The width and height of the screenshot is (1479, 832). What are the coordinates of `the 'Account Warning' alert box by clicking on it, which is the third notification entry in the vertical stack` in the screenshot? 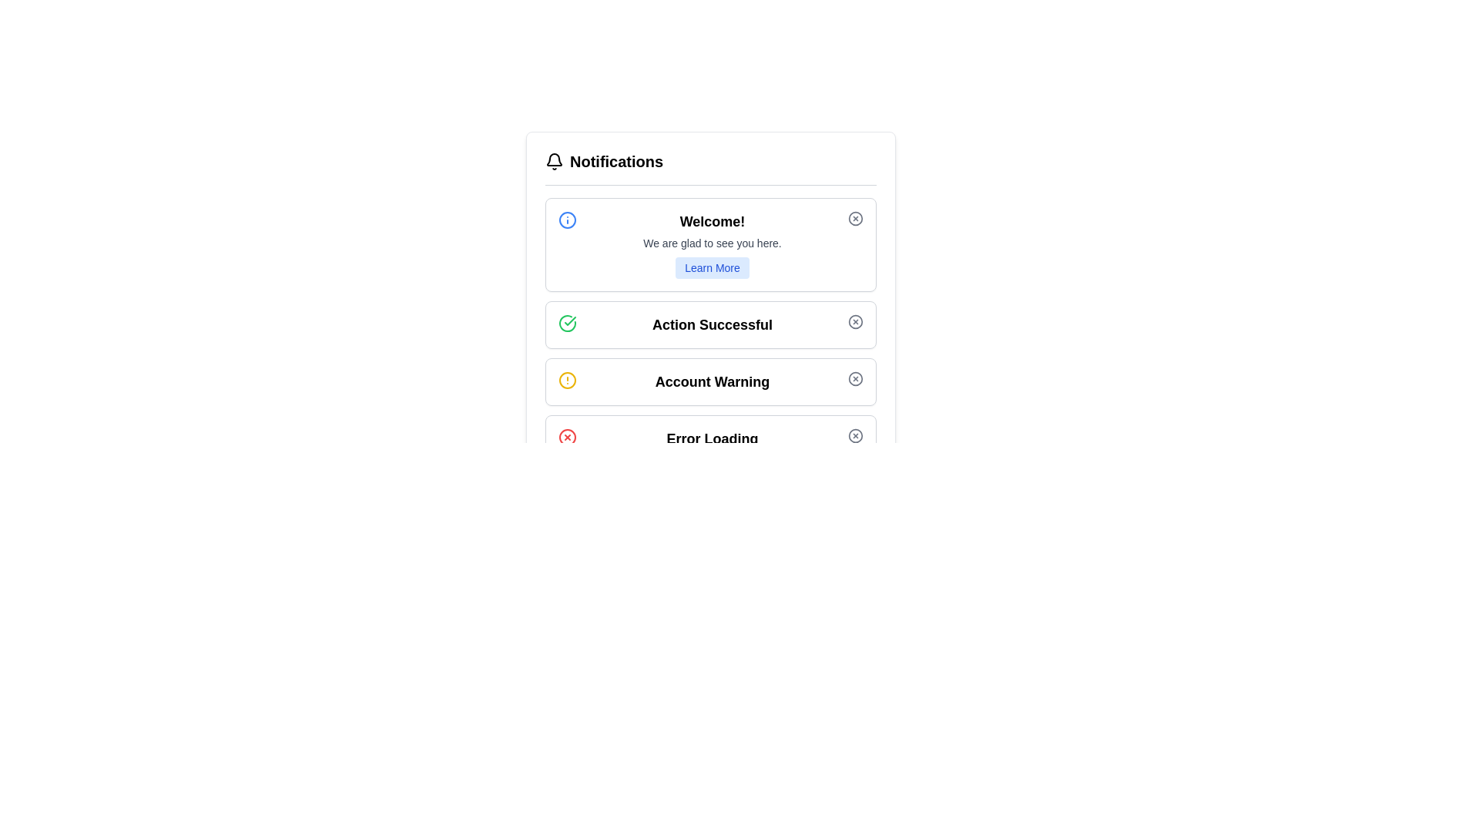 It's located at (709, 381).